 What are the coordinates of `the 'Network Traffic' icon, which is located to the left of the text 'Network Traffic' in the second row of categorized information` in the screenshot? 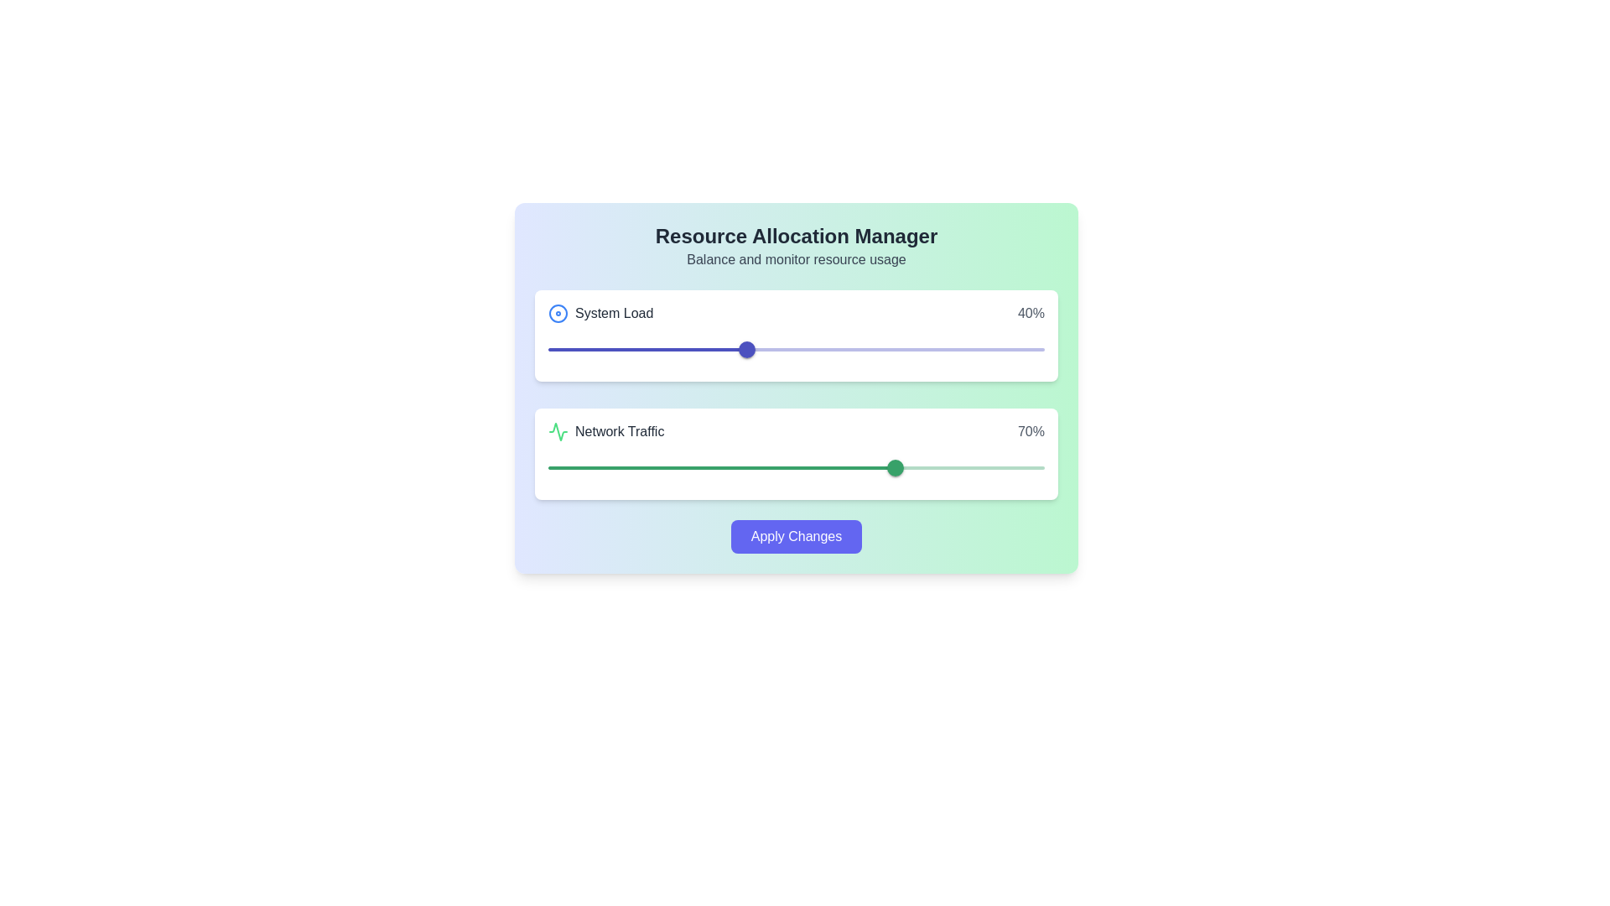 It's located at (558, 431).